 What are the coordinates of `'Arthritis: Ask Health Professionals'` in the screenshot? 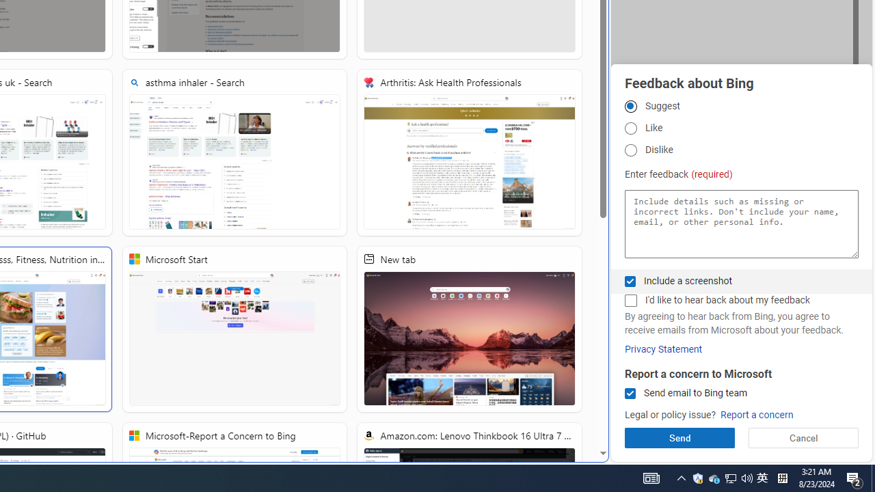 It's located at (470, 152).